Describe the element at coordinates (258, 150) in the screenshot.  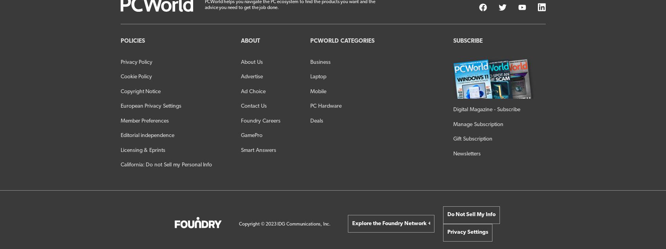
I see `'Smart Answers'` at that location.